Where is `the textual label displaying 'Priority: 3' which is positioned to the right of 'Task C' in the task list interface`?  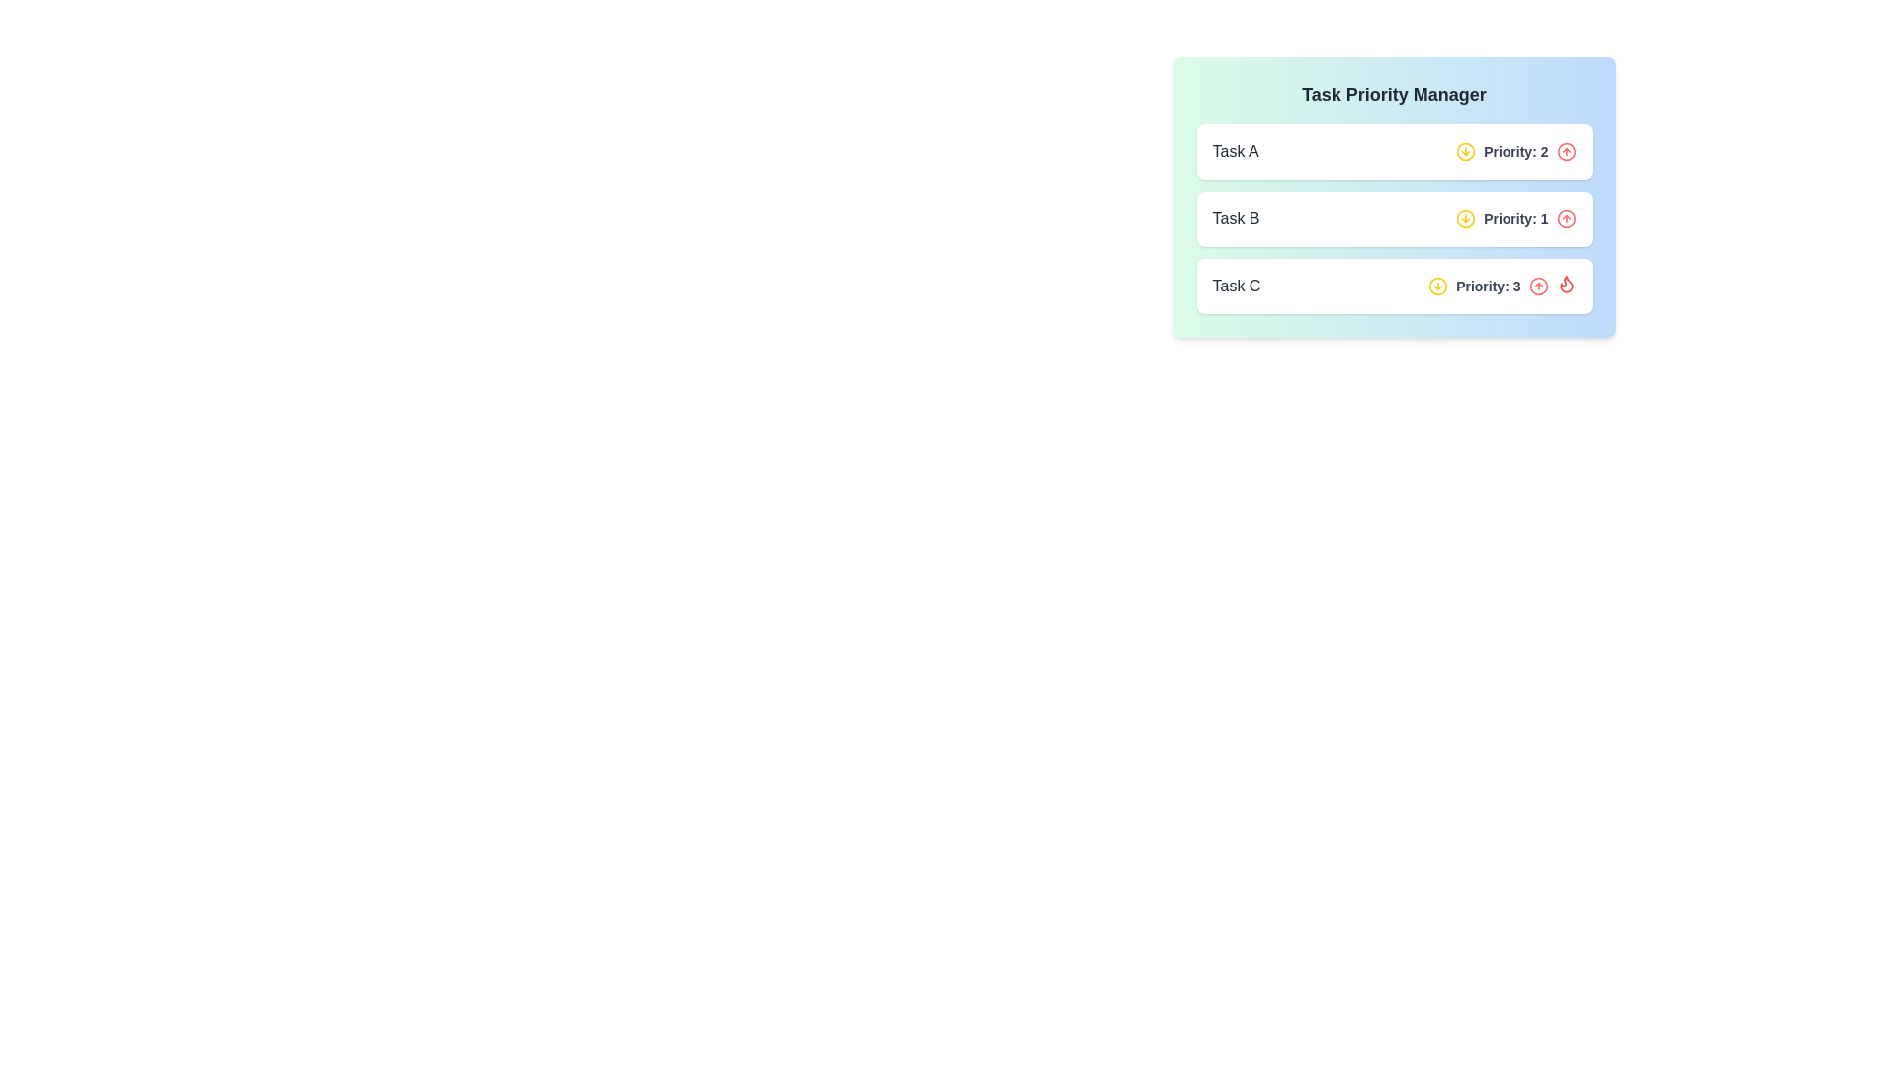
the textual label displaying 'Priority: 3' which is positioned to the right of 'Task C' in the task list interface is located at coordinates (1488, 286).